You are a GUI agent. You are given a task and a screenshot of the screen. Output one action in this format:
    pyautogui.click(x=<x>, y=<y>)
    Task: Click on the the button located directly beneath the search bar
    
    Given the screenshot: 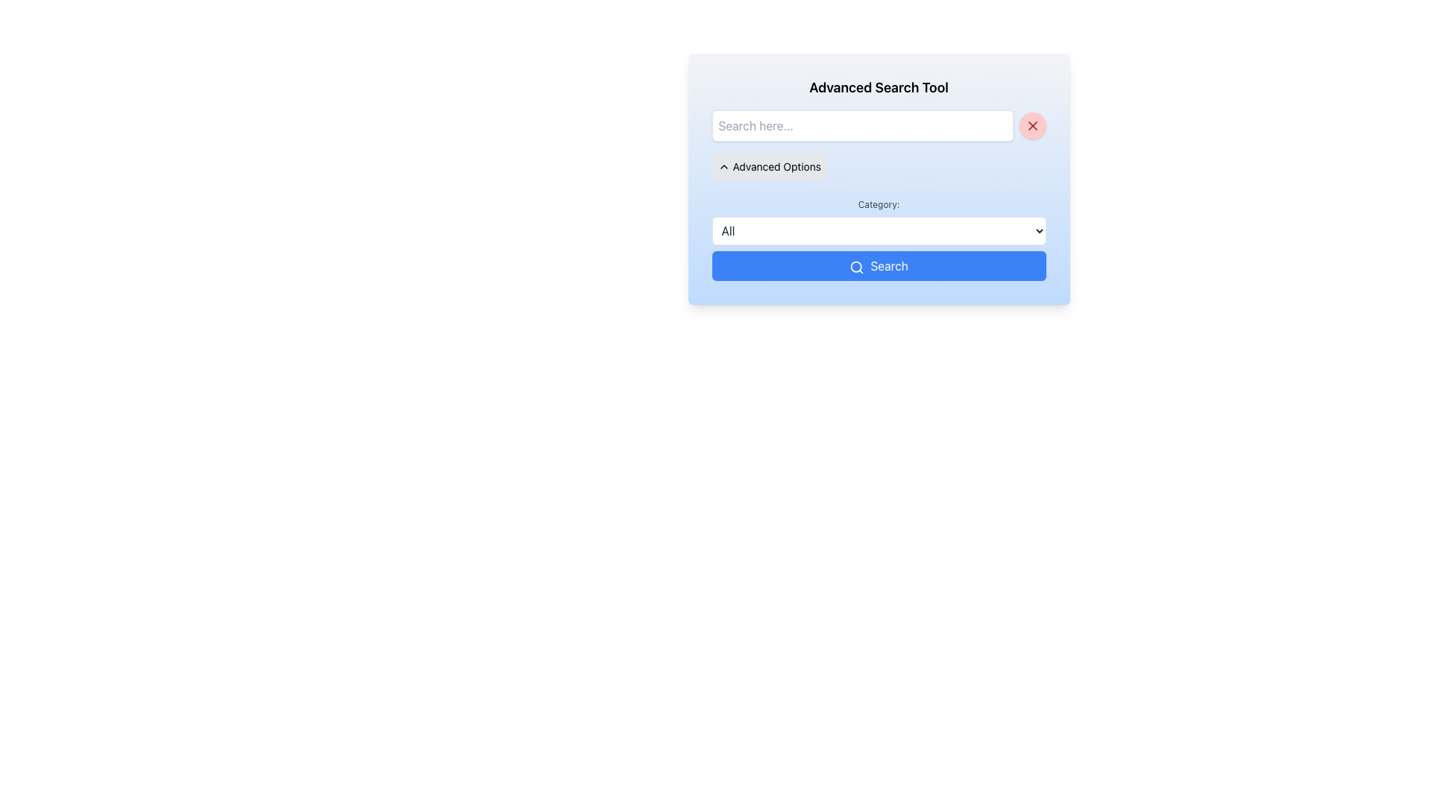 What is the action you would take?
    pyautogui.click(x=769, y=166)
    